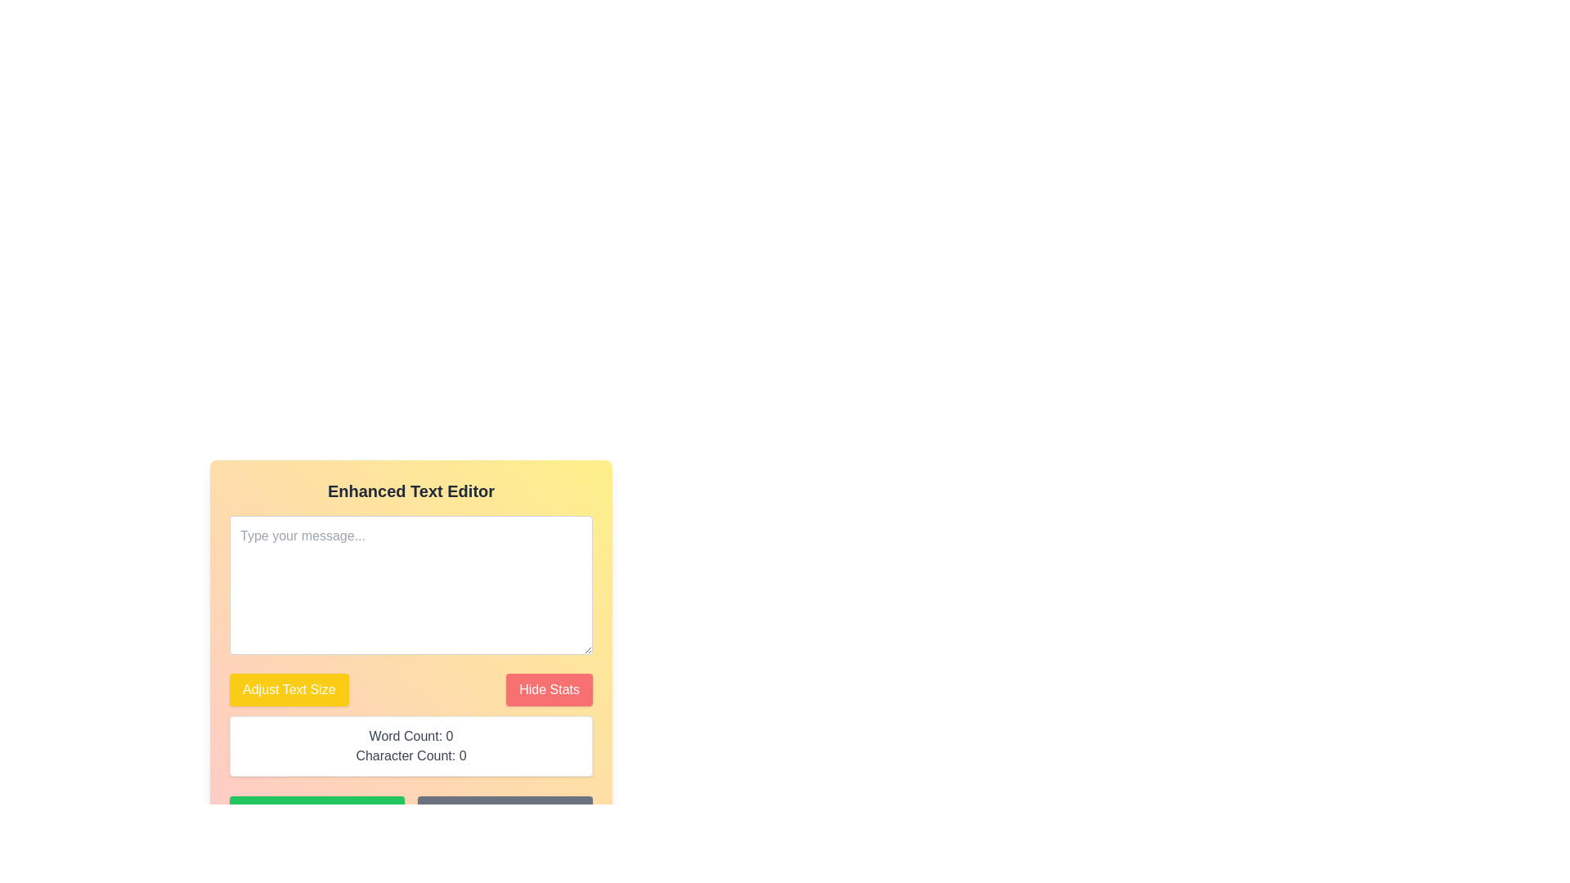  I want to click on the rectangular button with a yellow background and white text labeled 'Adjust Text Size' located in the lower left section of the 'Enhanced Text Editor.', so click(289, 690).